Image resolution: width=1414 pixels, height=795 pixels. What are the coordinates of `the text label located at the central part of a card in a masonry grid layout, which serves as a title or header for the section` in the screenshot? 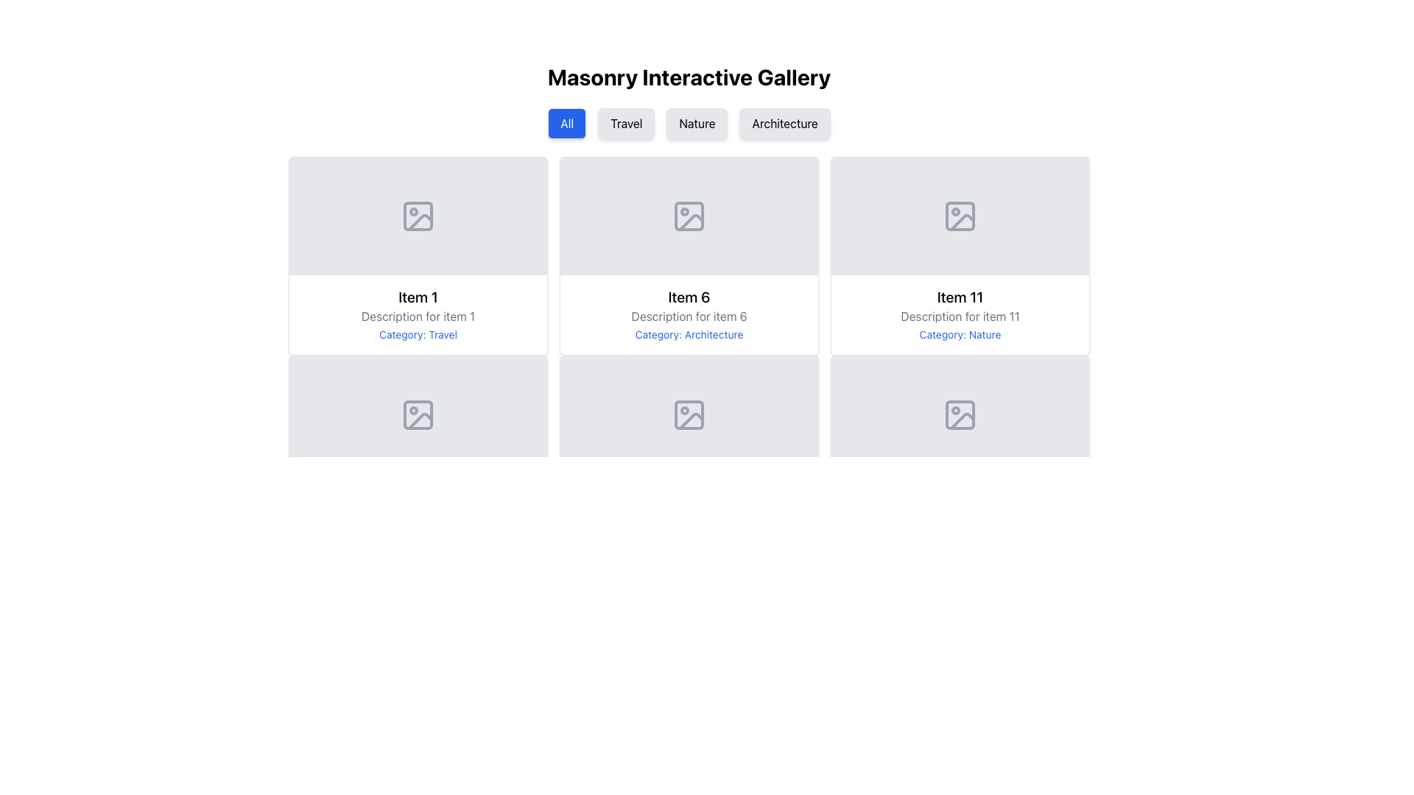 It's located at (689, 297).